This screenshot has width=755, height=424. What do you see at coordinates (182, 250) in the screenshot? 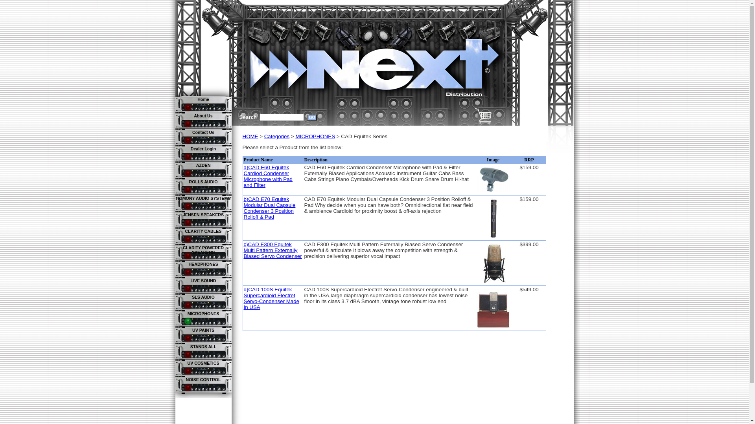
I see `'CLARITY POWERED SPEAKERS'` at bounding box center [182, 250].